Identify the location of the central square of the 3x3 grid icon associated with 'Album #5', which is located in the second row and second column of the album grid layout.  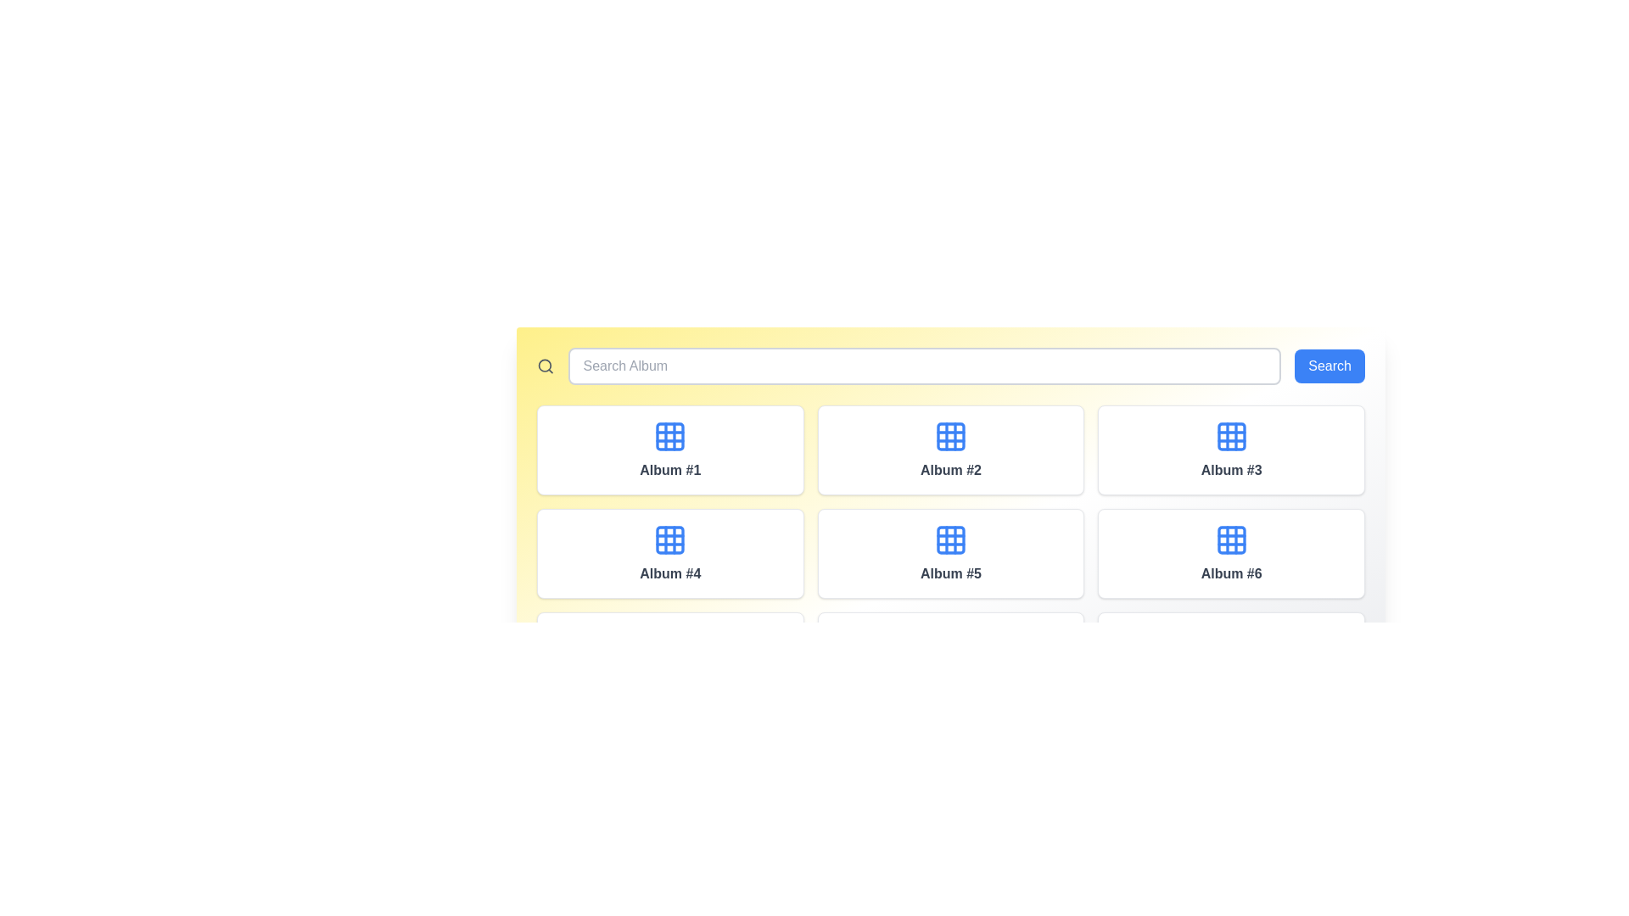
(950, 539).